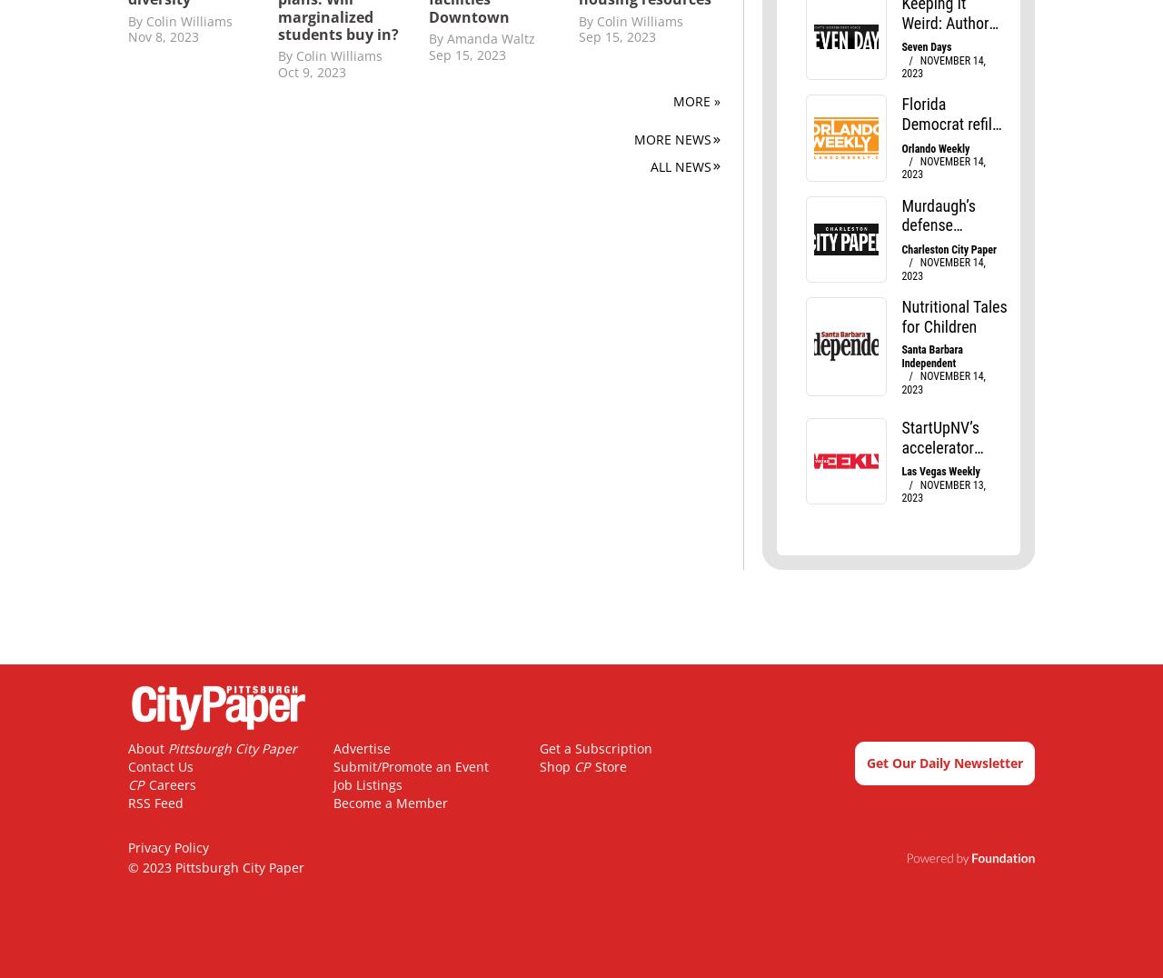 The image size is (1163, 978). What do you see at coordinates (945, 762) in the screenshot?
I see `'Get Our Daily Newsletter'` at bounding box center [945, 762].